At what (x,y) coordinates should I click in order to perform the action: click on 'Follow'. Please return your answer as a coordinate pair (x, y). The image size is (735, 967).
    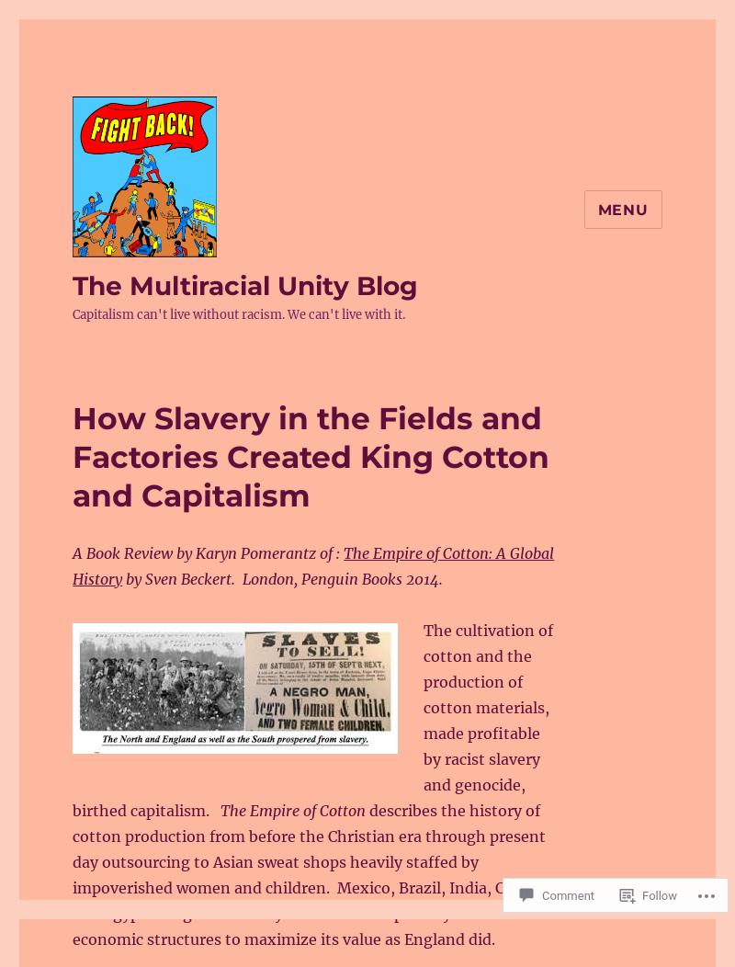
    Looking at the image, I should click on (659, 893).